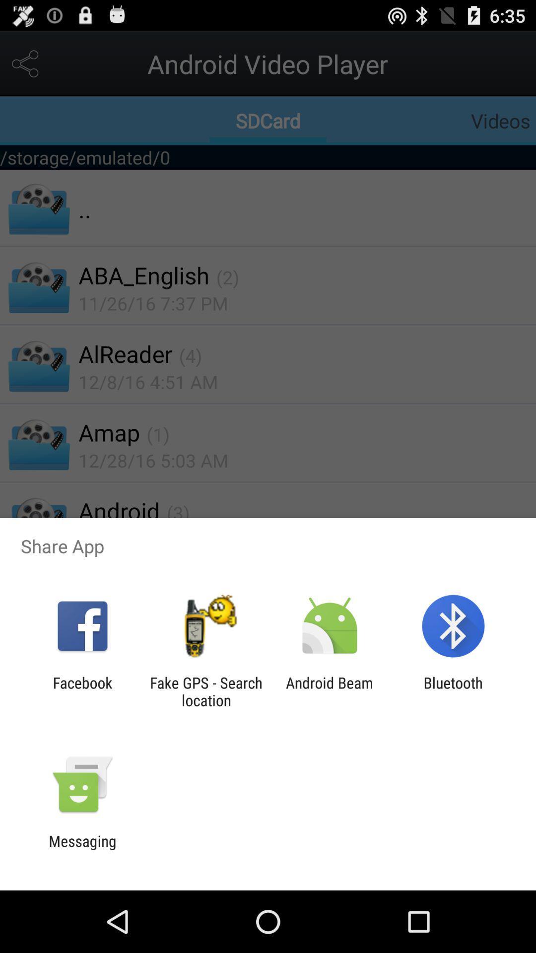 The image size is (536, 953). Describe the element at coordinates (453, 691) in the screenshot. I see `the app next to android beam app` at that location.